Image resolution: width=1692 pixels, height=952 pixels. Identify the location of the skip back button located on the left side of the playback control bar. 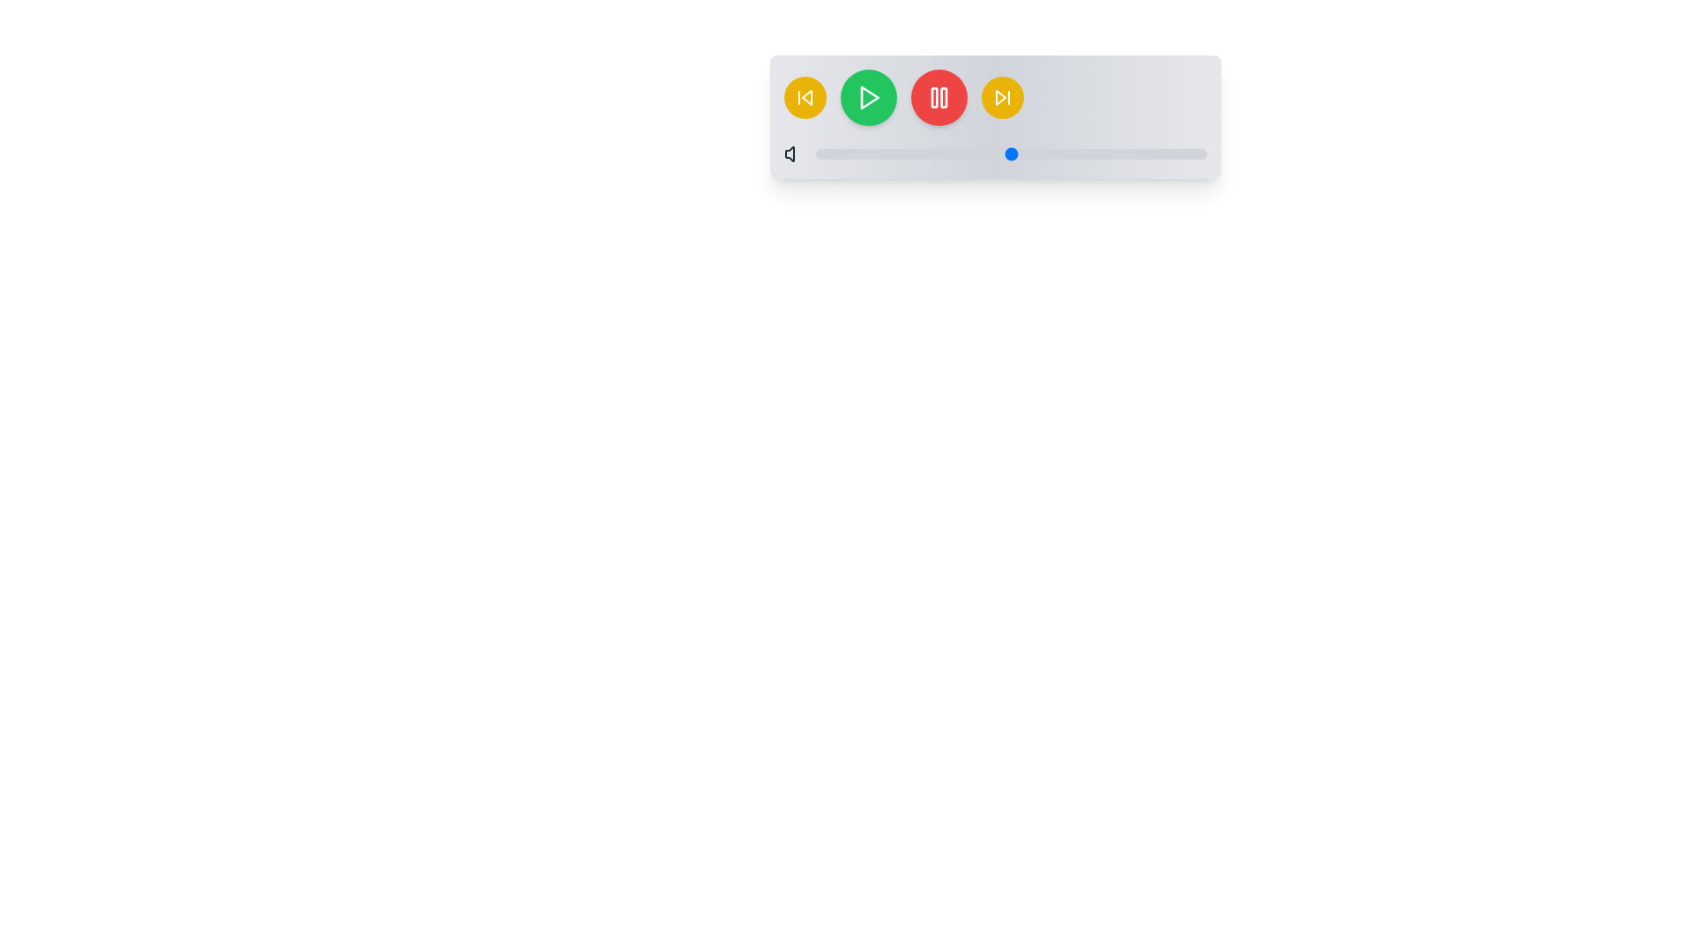
(804, 98).